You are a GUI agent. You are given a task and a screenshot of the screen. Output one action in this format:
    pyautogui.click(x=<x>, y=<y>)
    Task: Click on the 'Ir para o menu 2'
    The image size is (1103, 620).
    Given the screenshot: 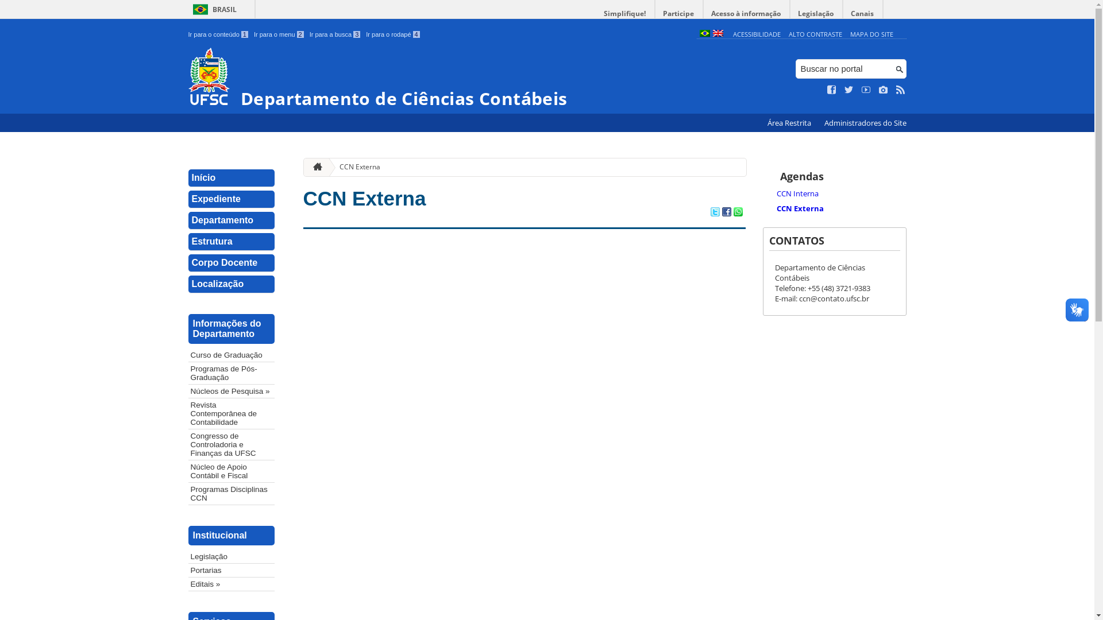 What is the action you would take?
    pyautogui.click(x=279, y=34)
    